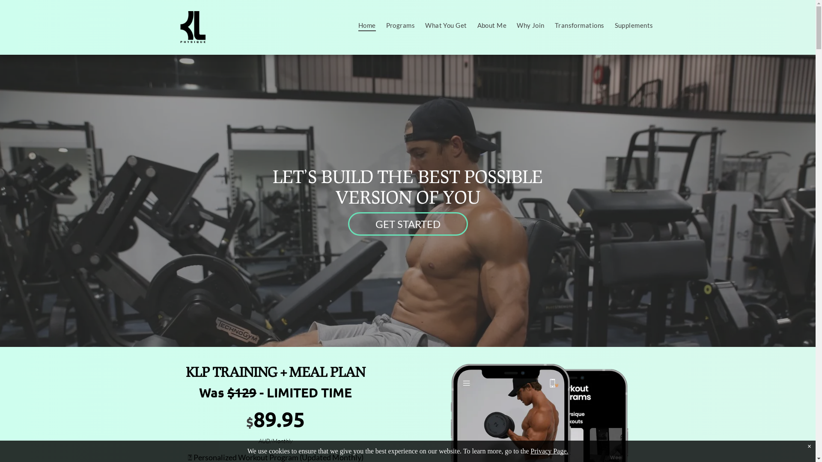  I want to click on 'About Me', so click(492, 24).